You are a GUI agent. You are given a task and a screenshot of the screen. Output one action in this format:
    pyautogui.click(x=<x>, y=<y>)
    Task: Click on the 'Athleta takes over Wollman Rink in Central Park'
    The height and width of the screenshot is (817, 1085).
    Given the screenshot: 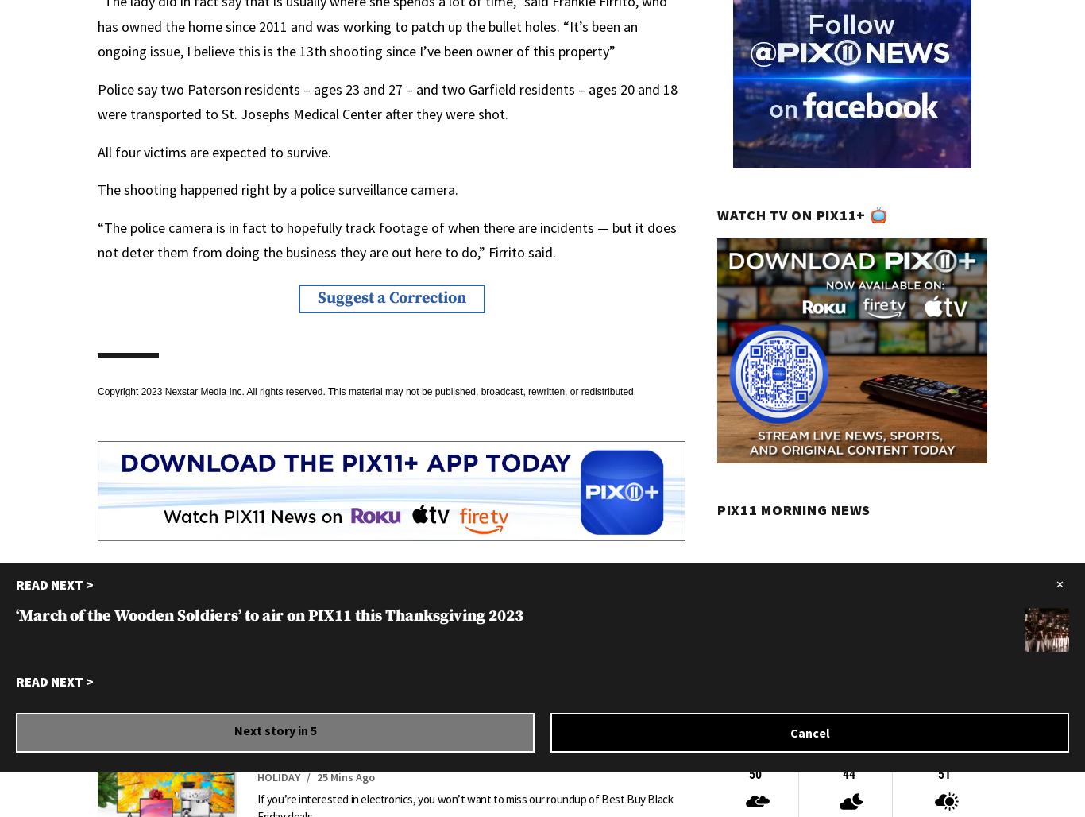 What is the action you would take?
    pyautogui.click(x=19, y=350)
    